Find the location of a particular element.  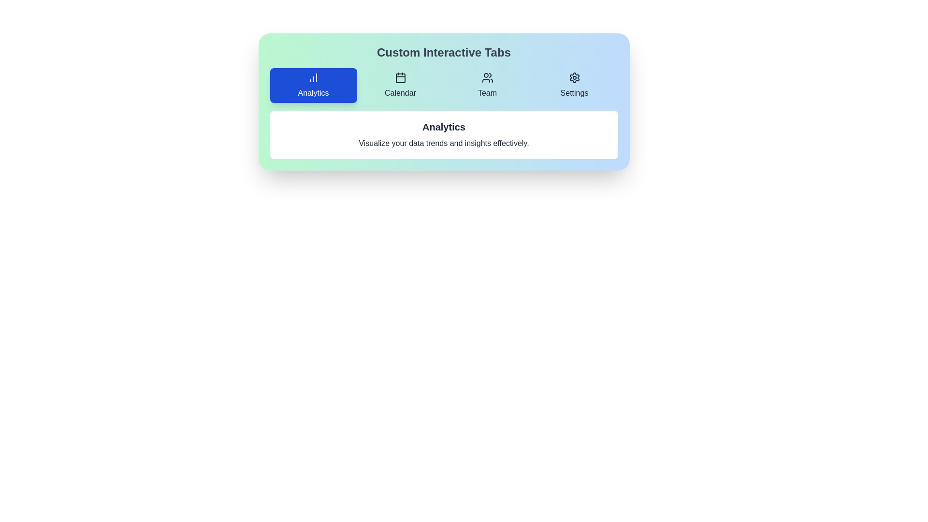

the 'Settings' text label located beneath the gear icon in the horizontal navigation bar at the top of the interface is located at coordinates (574, 93).